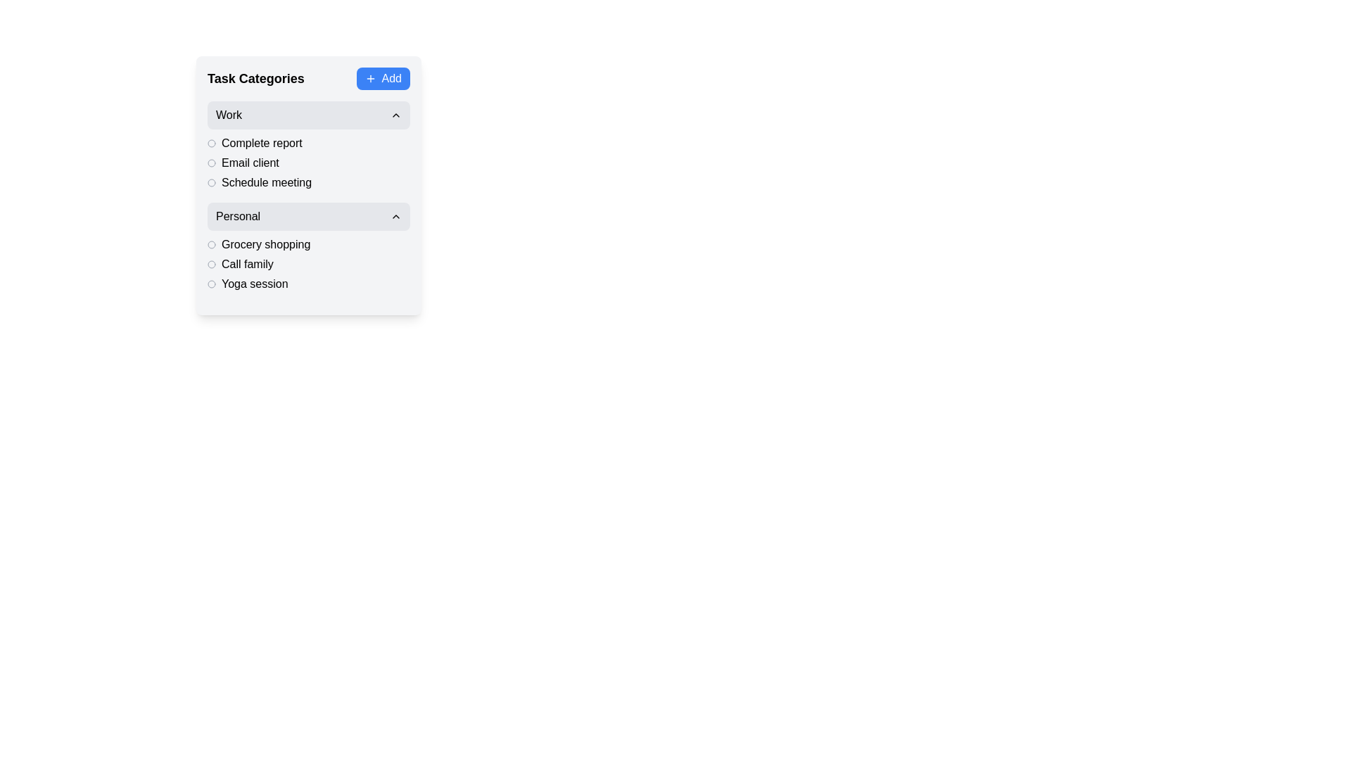 Image resolution: width=1351 pixels, height=760 pixels. What do you see at coordinates (262, 144) in the screenshot?
I see `the text label reading 'Complete report'` at bounding box center [262, 144].